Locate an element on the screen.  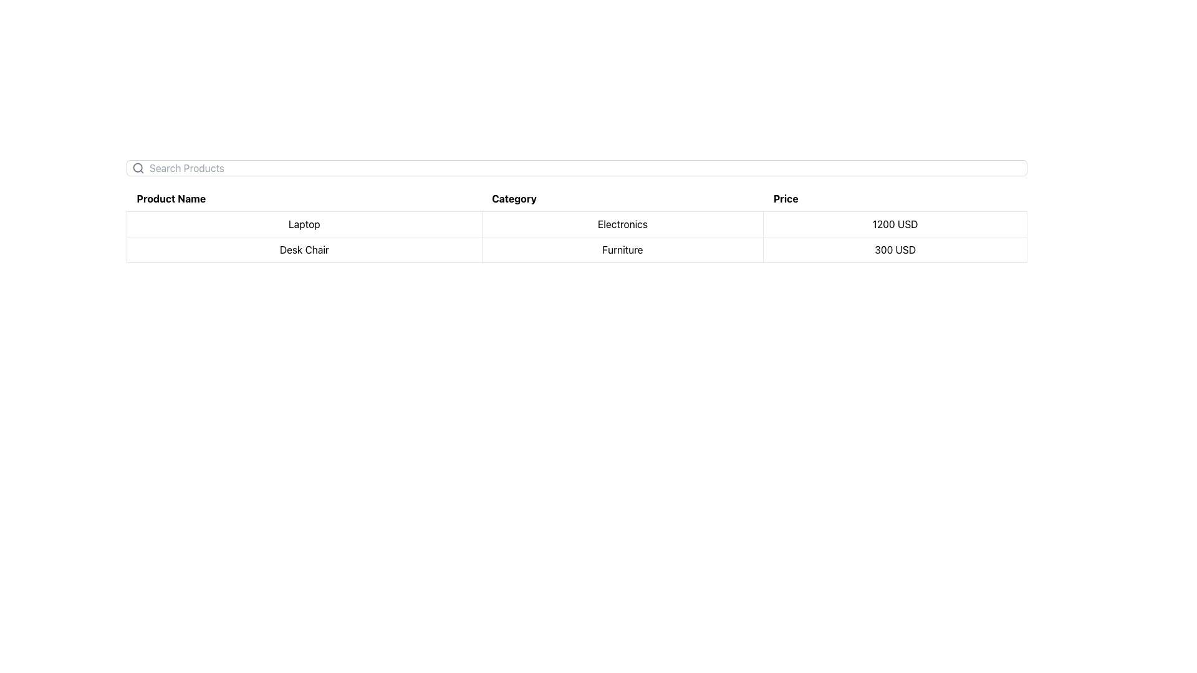
the SVG Circle element that is part of the search lens icon located in the upper-left part of the interface is located at coordinates (138, 167).